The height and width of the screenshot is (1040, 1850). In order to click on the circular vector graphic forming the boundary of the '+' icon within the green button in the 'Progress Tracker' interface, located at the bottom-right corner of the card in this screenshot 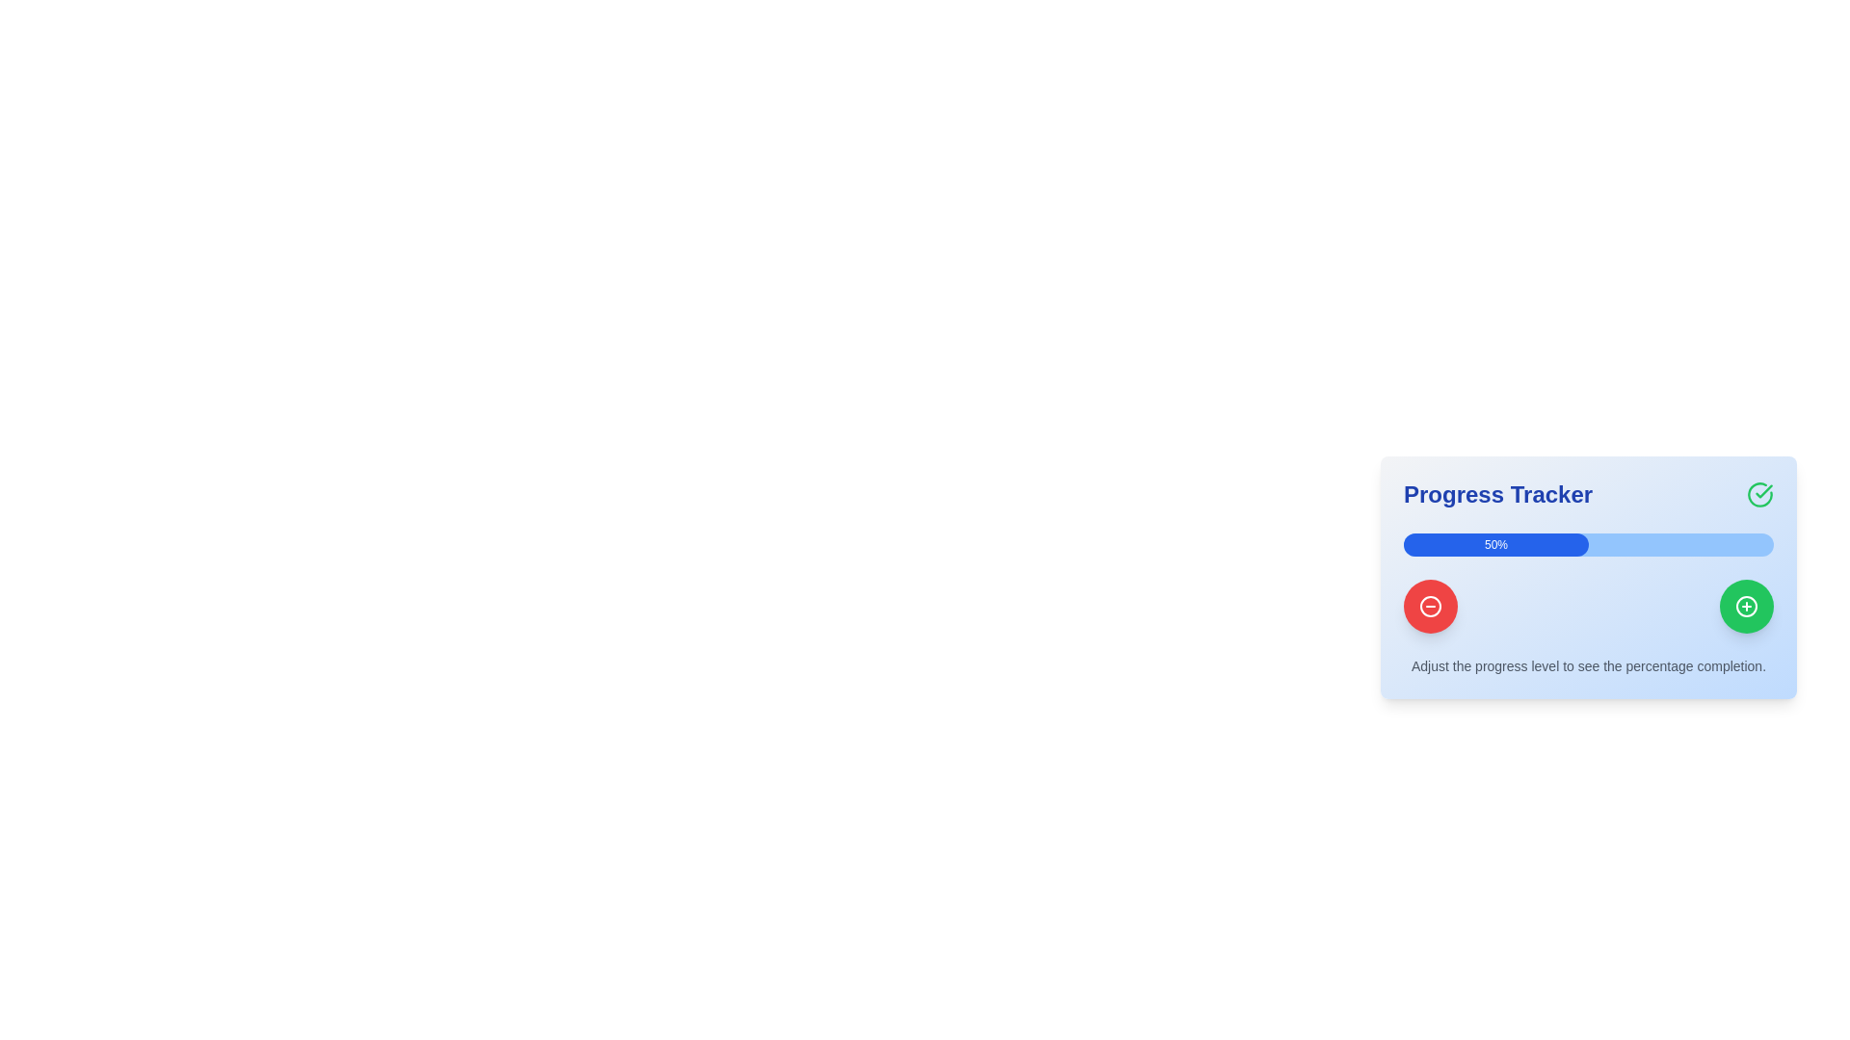, I will do `click(1747, 605)`.